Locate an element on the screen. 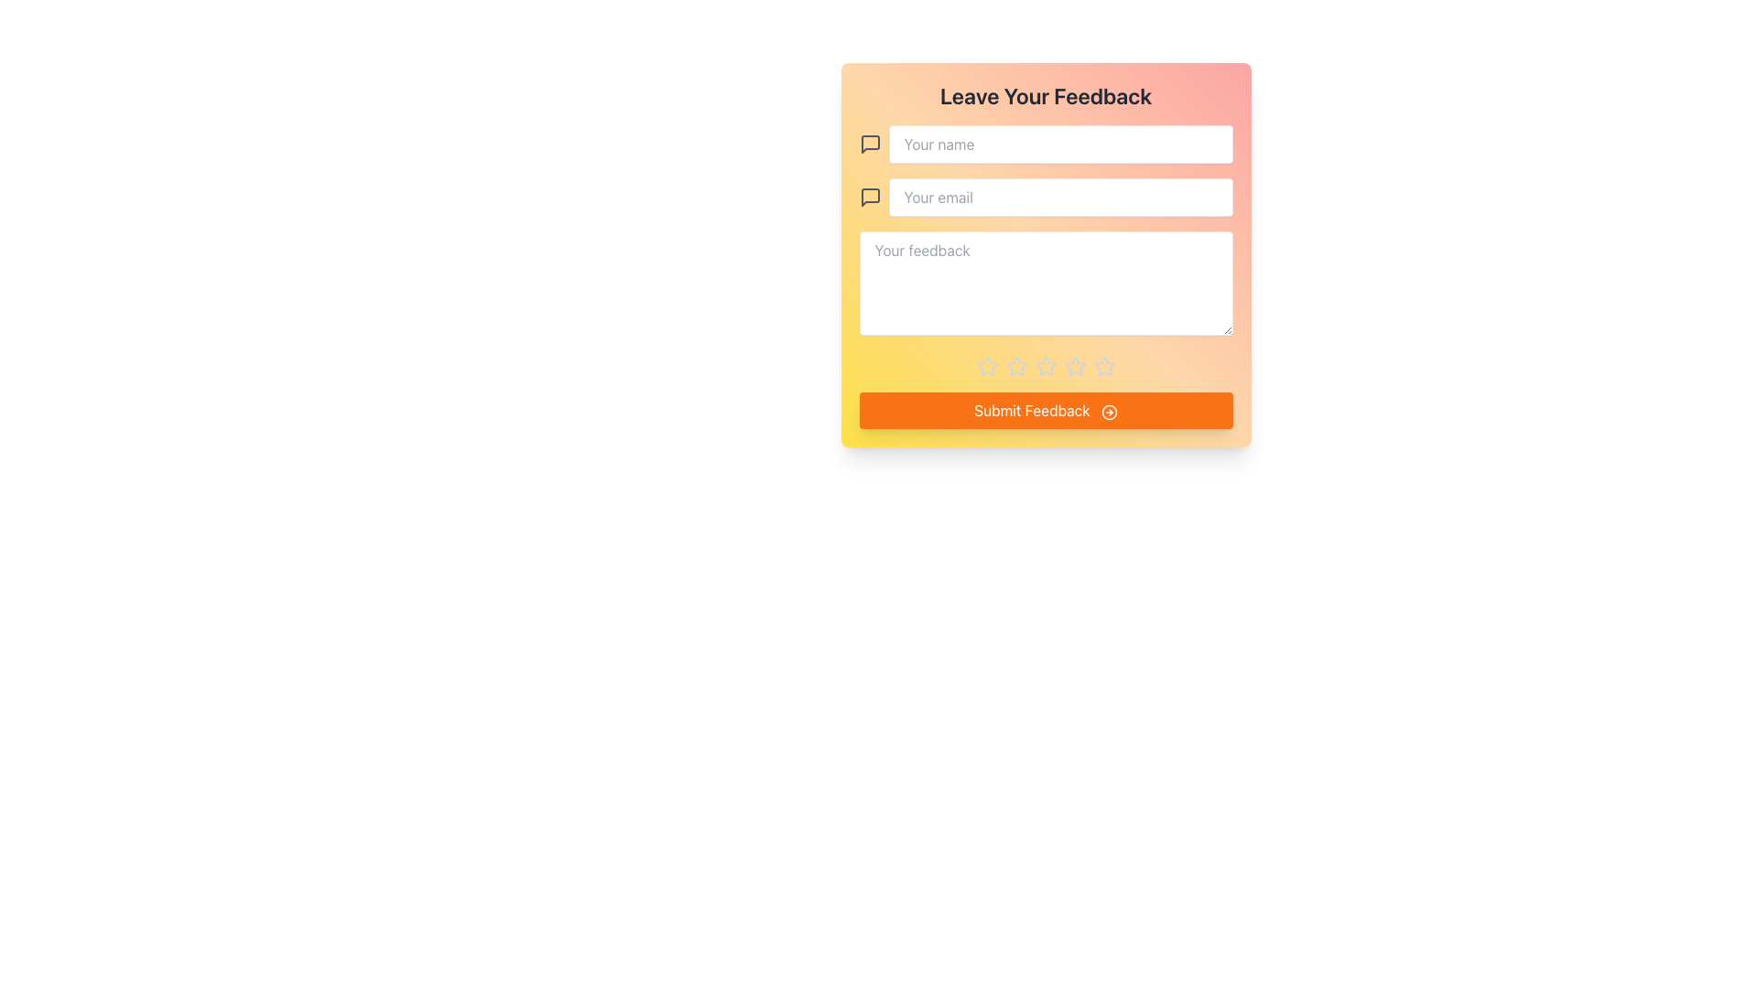  the chat bubble icon located to the left of the 'Your email' text input field is located at coordinates (869, 144).